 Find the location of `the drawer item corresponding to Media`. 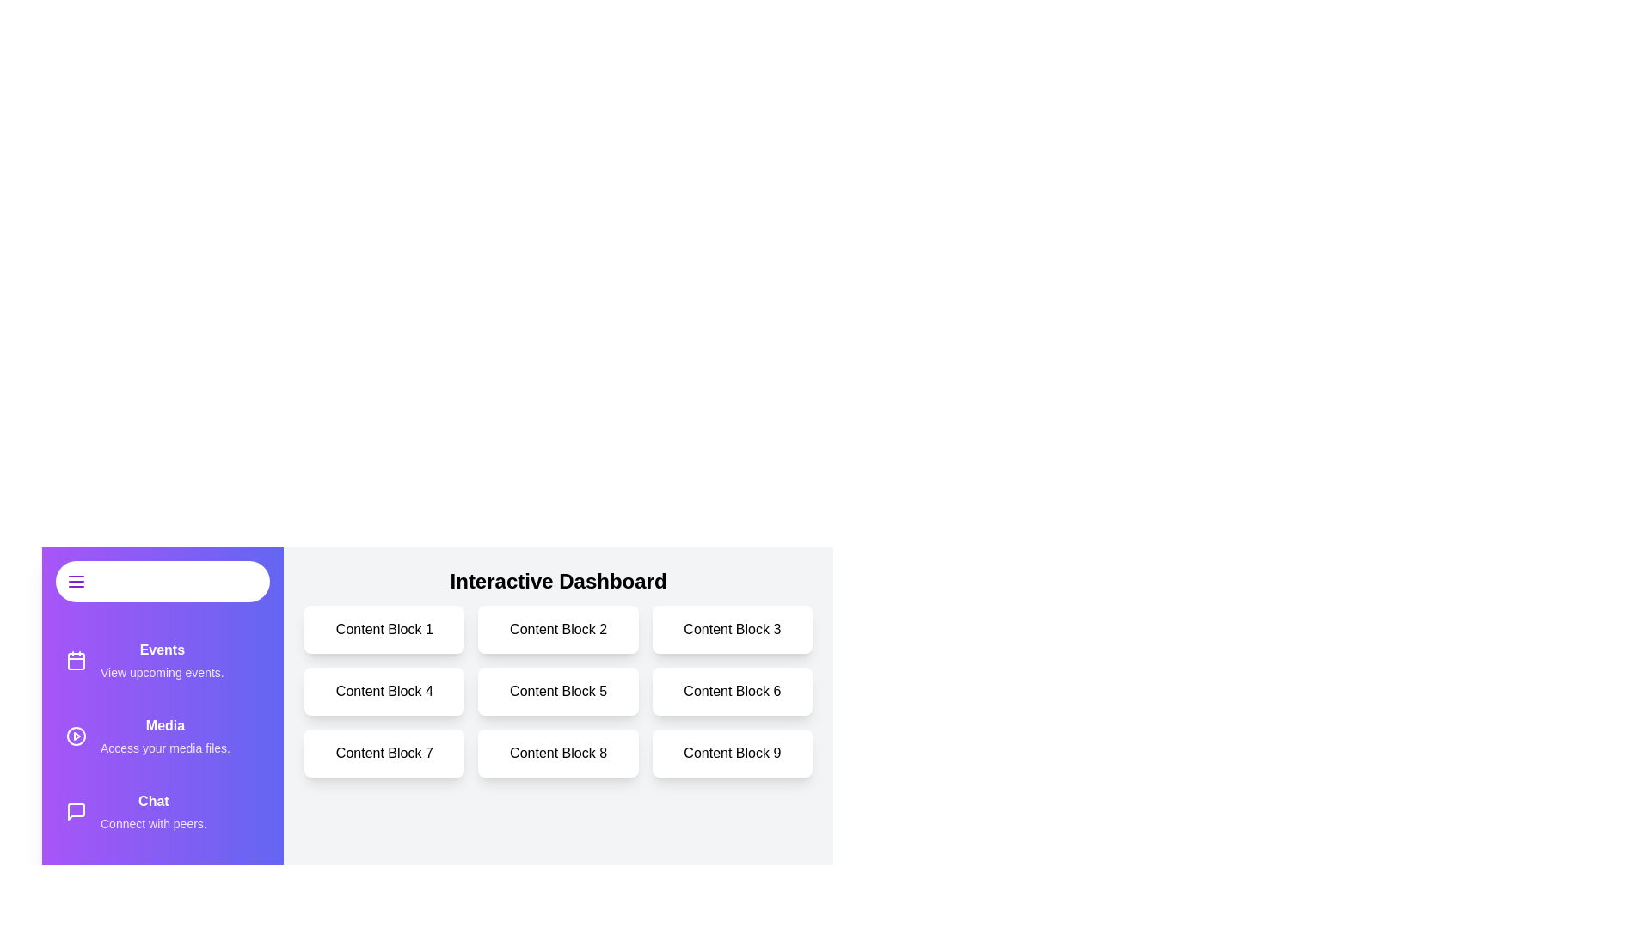

the drawer item corresponding to Media is located at coordinates (163, 735).